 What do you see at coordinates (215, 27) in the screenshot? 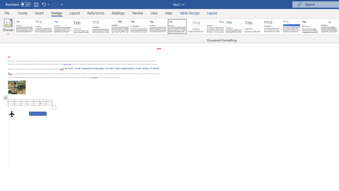
I see `'Lines (Distinctive)'` at bounding box center [215, 27].